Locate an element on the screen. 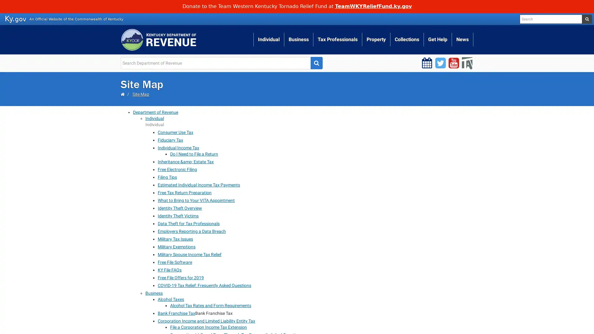 The width and height of the screenshot is (594, 334). Search is located at coordinates (316, 63).